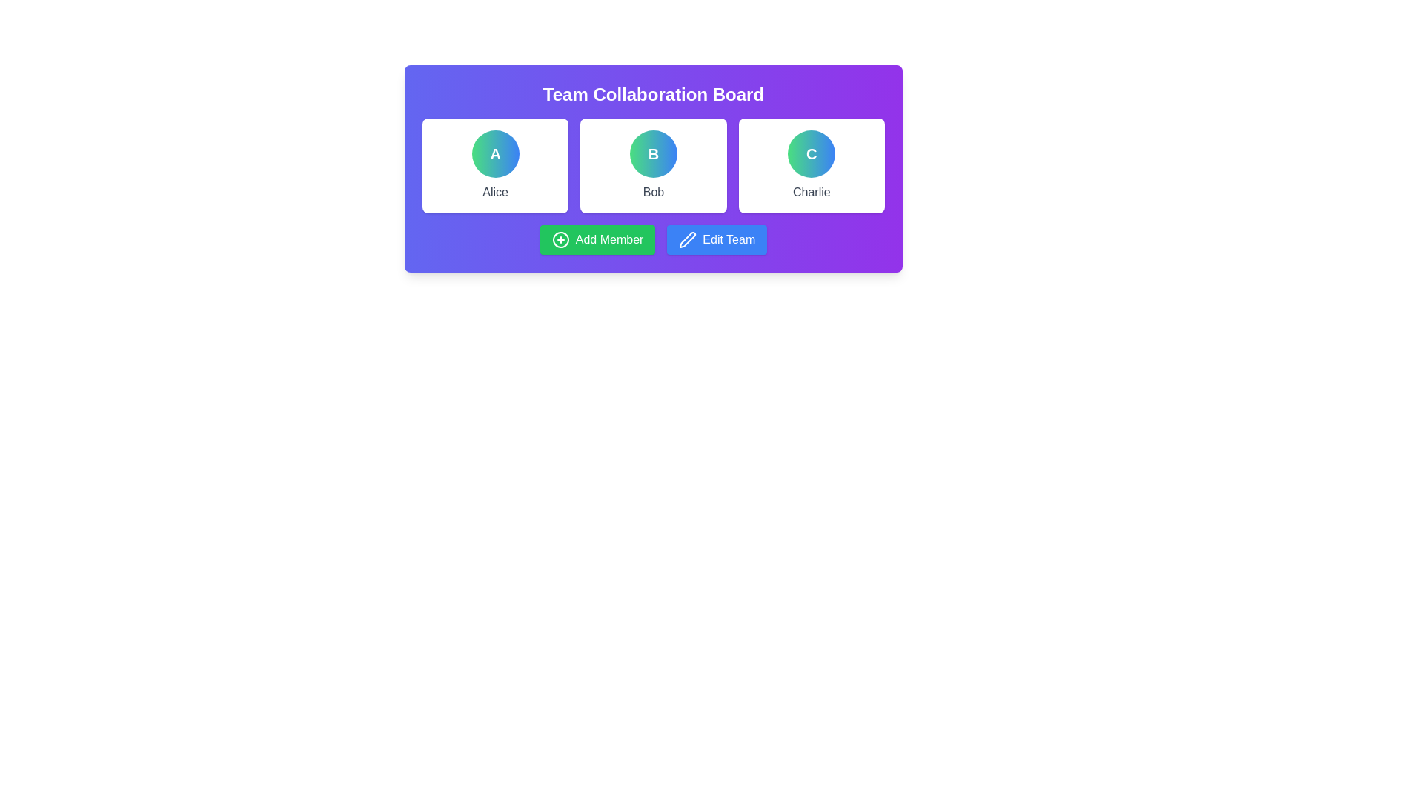 This screenshot has width=1423, height=800. What do you see at coordinates (653, 167) in the screenshot?
I see `the informational card representing team member 'Bob', which displays his details and is located in the center of the team collaboration board` at bounding box center [653, 167].